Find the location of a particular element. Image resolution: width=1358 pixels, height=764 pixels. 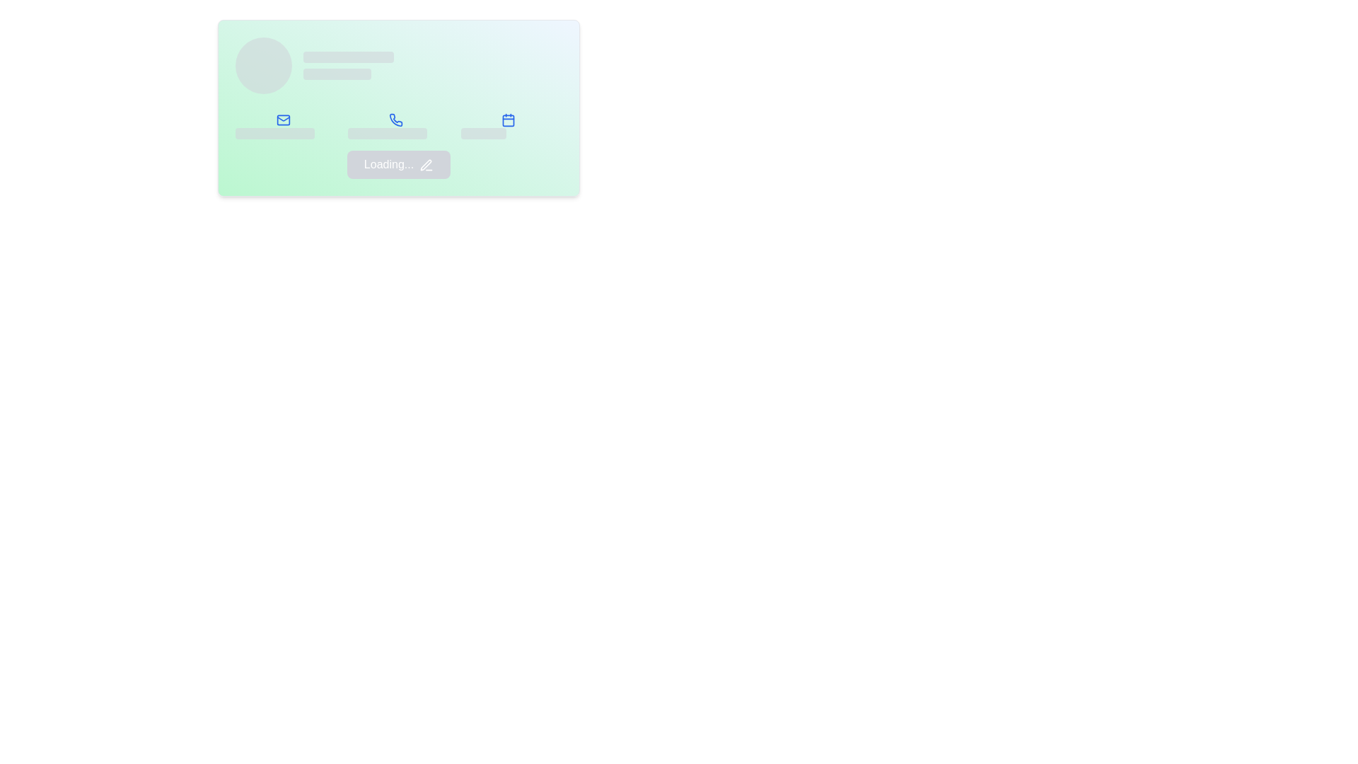

the scheduling icon located in the rightmost section of the grid beneath the calendar icon to interact with its date selection functionality is located at coordinates (511, 125).